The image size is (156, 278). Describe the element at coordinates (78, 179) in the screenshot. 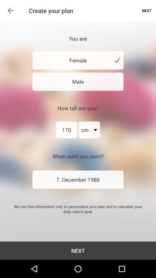

I see `the item above we use this` at that location.